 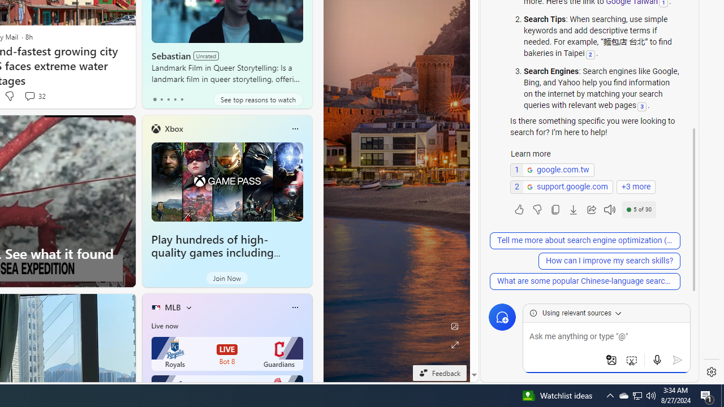 What do you see at coordinates (226, 278) in the screenshot?
I see `'Join Now'` at bounding box center [226, 278].